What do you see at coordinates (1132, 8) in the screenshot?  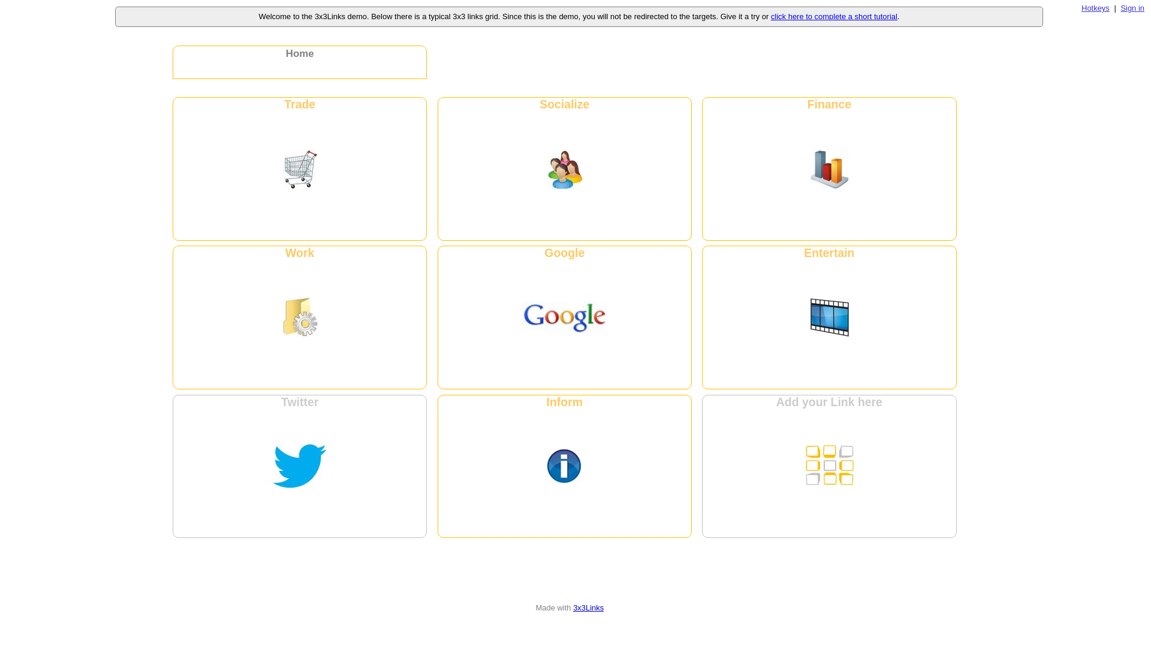 I see `'Sign in'` at bounding box center [1132, 8].